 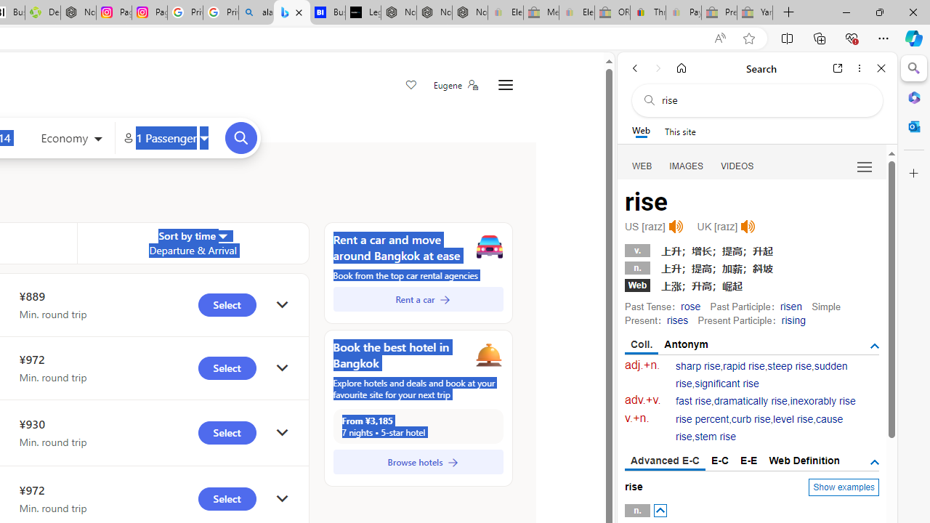 What do you see at coordinates (873, 462) in the screenshot?
I see `'AutomationID: tgdef'` at bounding box center [873, 462].